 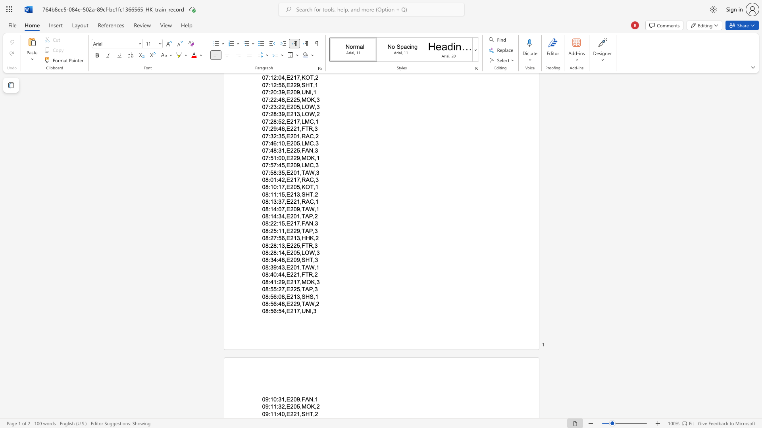 I want to click on the space between the continuous character "," and "F" in the text, so click(x=302, y=274).